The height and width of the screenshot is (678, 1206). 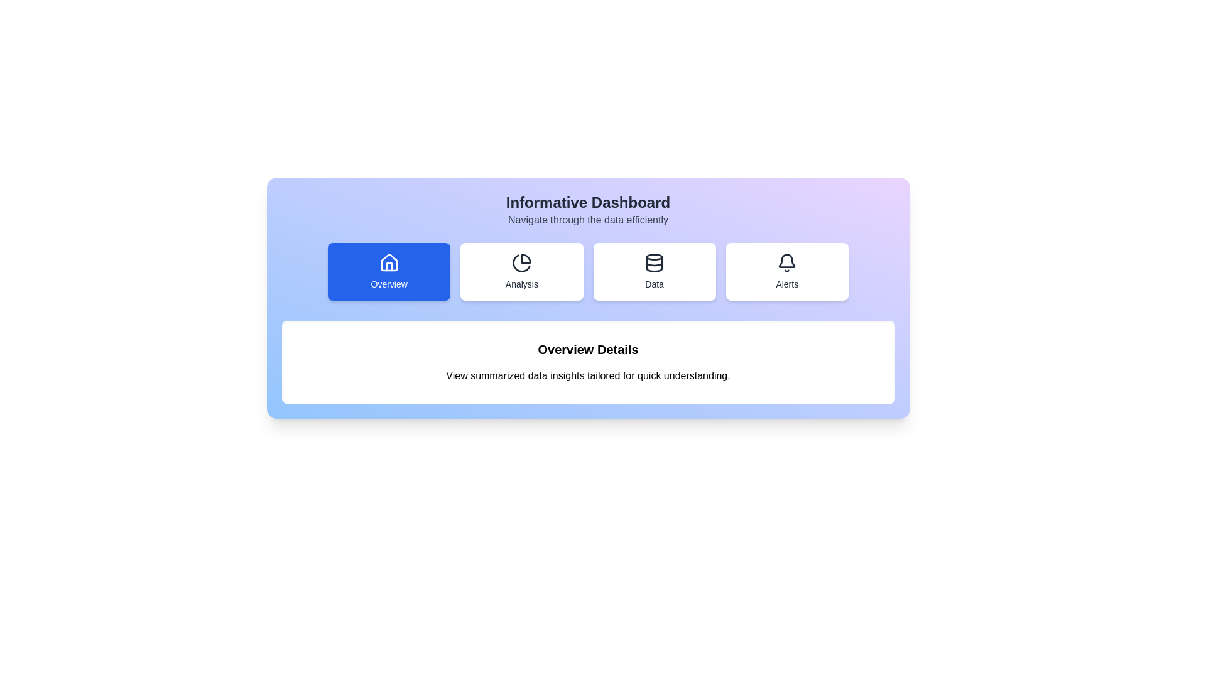 I want to click on data management icon located in the upper portion of the 'Data' card, which is the third card from the left in a row of four cards, so click(x=654, y=262).